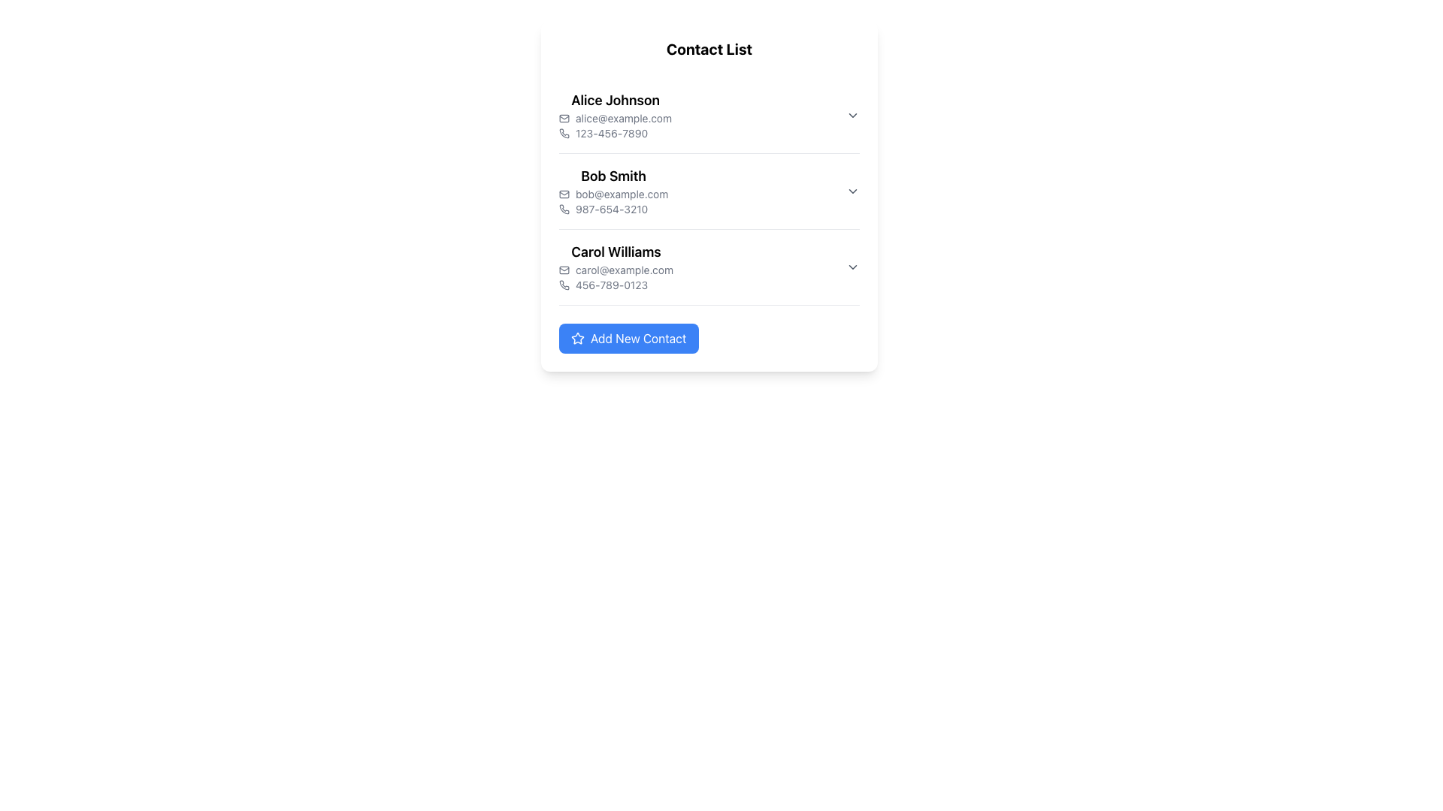 This screenshot has height=811, width=1443. What do you see at coordinates (709, 266) in the screenshot?
I see `the Contact Information Block displaying details of 'Carol Williams'` at bounding box center [709, 266].